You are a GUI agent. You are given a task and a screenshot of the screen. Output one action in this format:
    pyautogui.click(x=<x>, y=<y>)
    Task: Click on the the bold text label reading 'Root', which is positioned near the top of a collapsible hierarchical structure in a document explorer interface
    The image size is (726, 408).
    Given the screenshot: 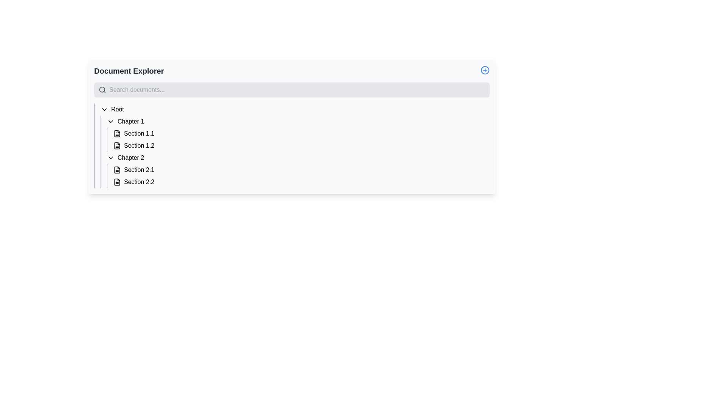 What is the action you would take?
    pyautogui.click(x=117, y=109)
    